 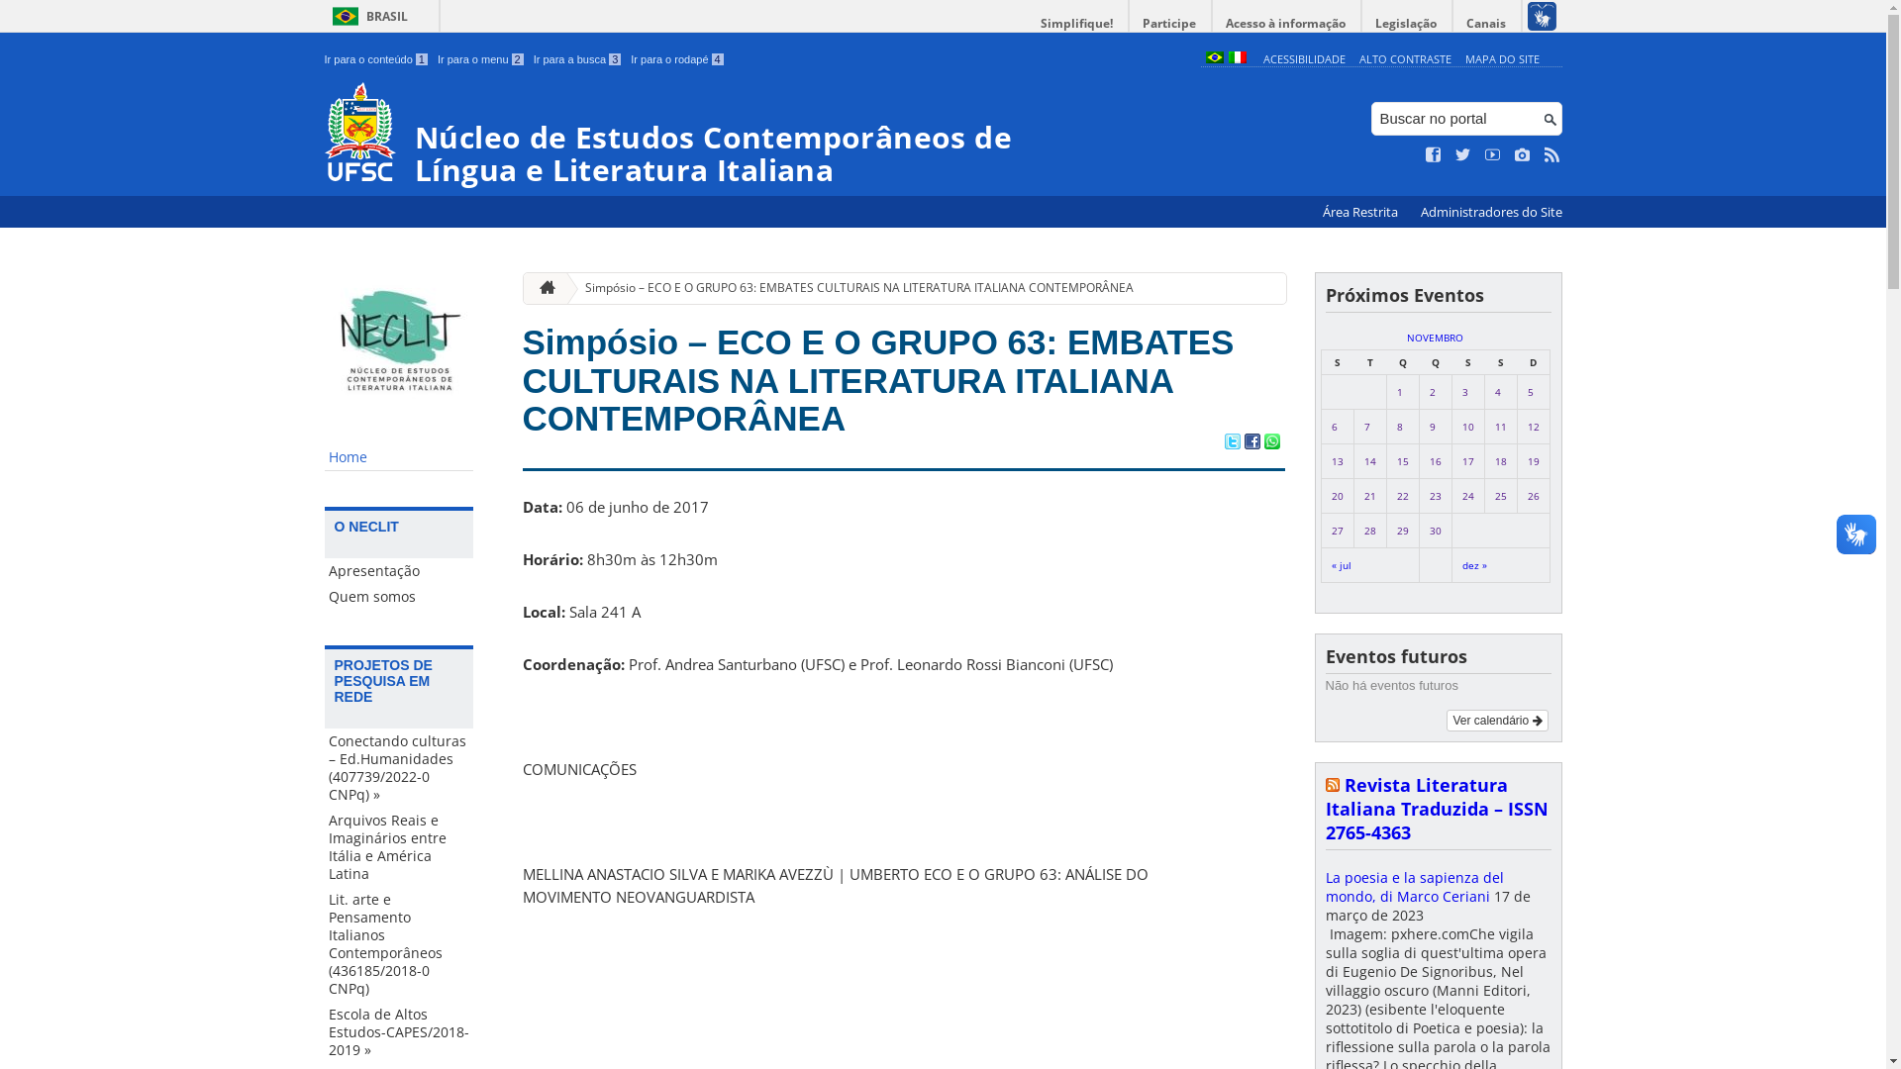 I want to click on '10', so click(x=1467, y=426).